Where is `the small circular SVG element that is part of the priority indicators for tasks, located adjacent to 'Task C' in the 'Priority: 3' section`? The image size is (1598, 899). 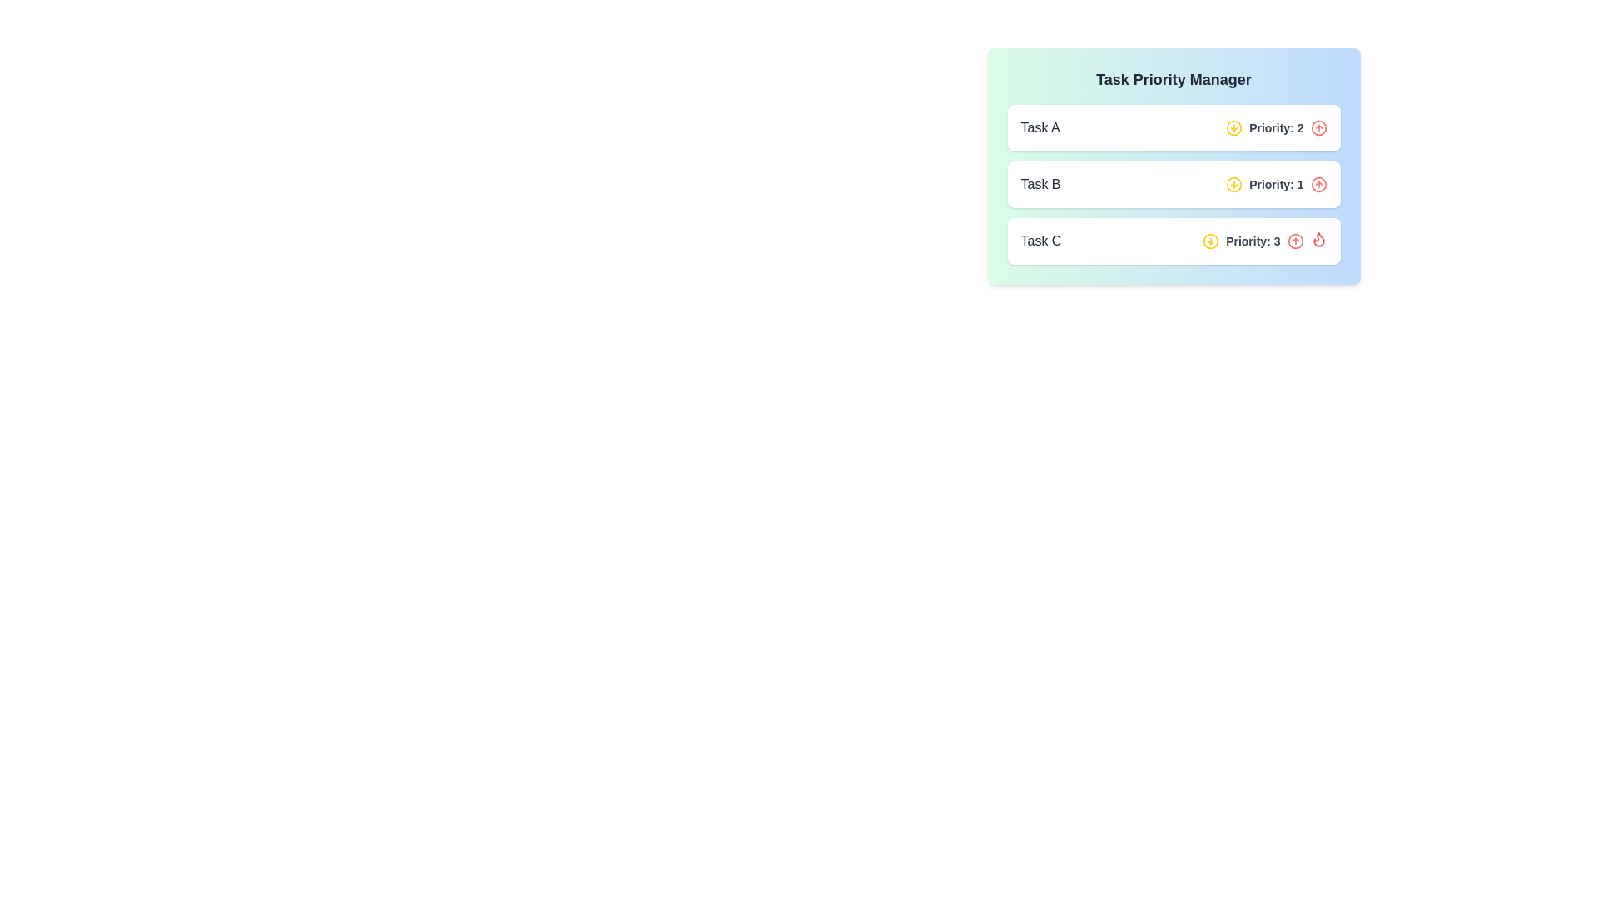 the small circular SVG element that is part of the priority indicators for tasks, located adjacent to 'Task C' in the 'Priority: 3' section is located at coordinates (1294, 241).